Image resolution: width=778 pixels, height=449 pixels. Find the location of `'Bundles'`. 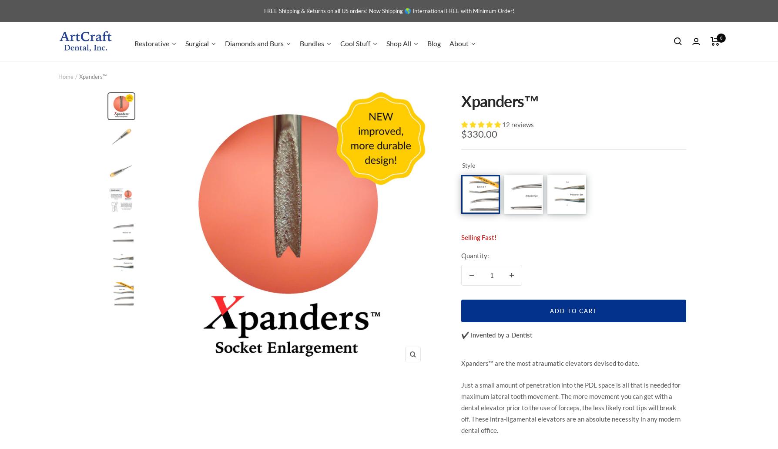

'Bundles' is located at coordinates (311, 43).